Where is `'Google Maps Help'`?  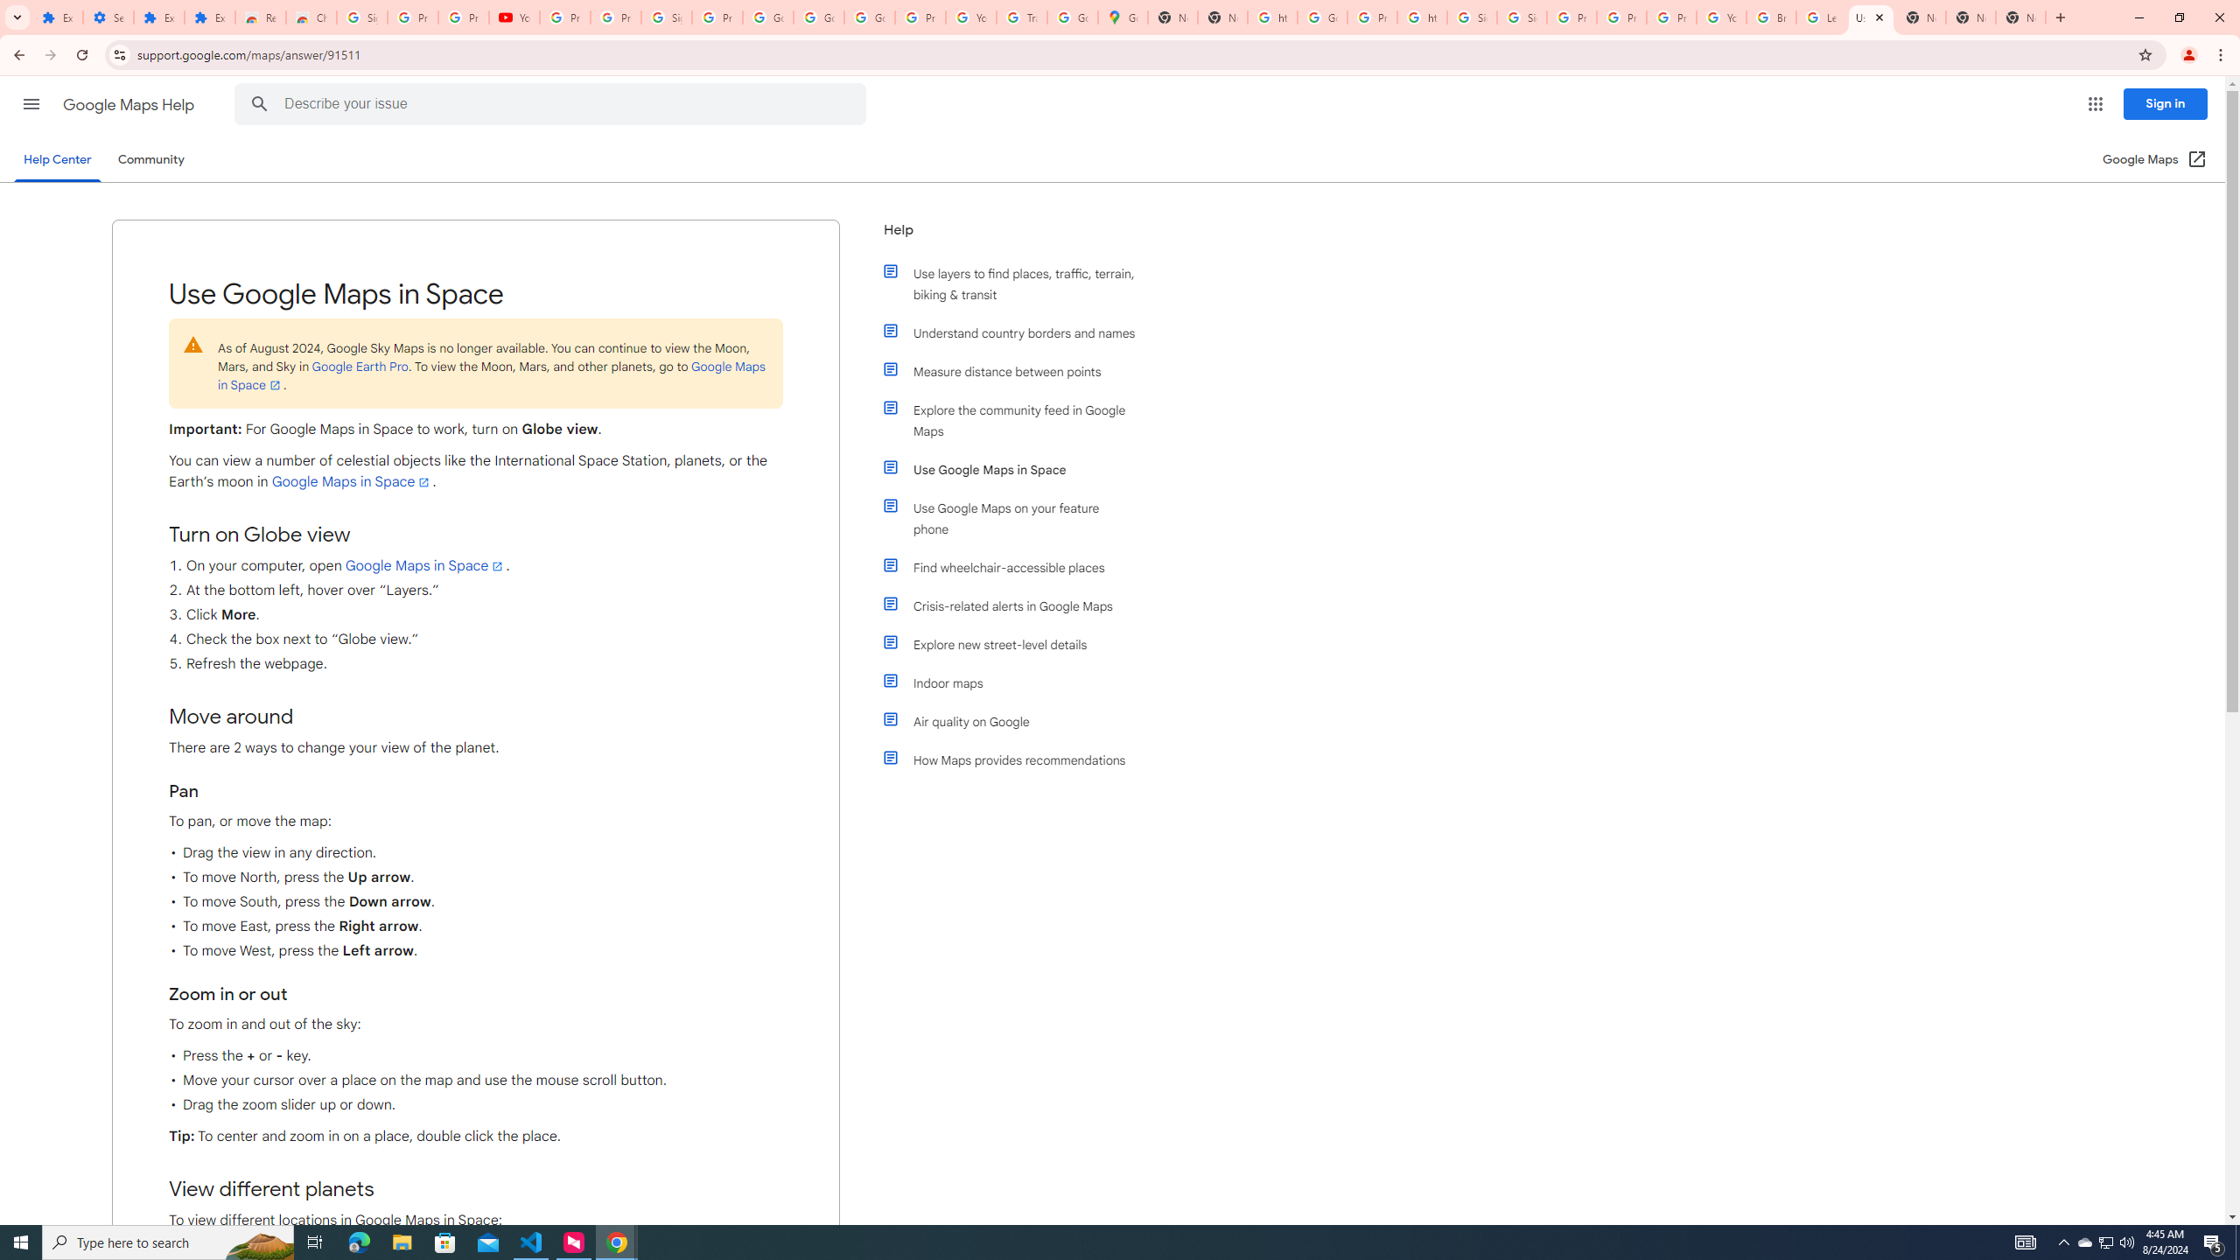 'Google Maps Help' is located at coordinates (129, 104).